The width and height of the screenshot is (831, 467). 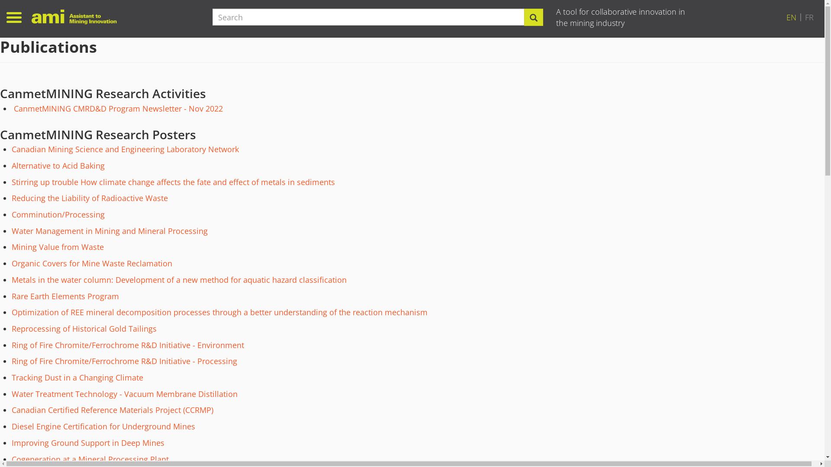 What do you see at coordinates (64, 296) in the screenshot?
I see `'Rare Earth Elements Program'` at bounding box center [64, 296].